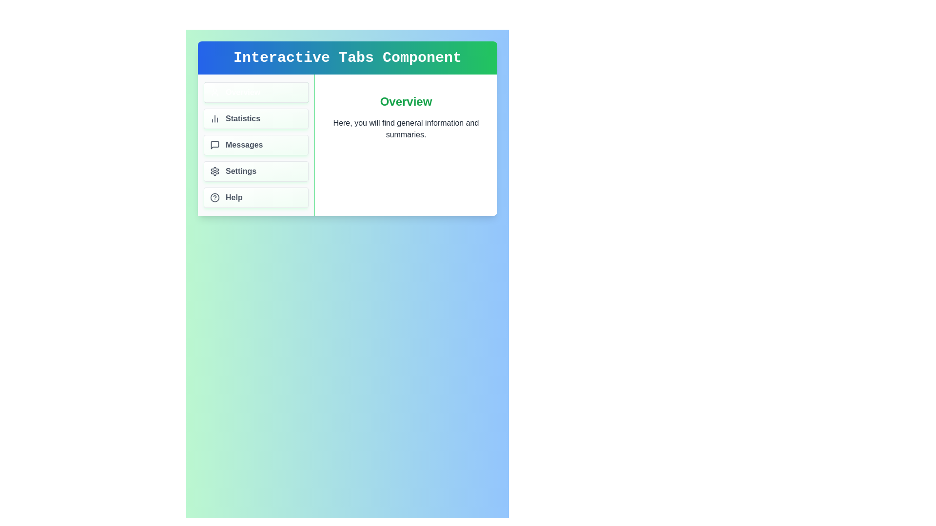  I want to click on the tab labeled Messages by clicking on its area, so click(256, 145).